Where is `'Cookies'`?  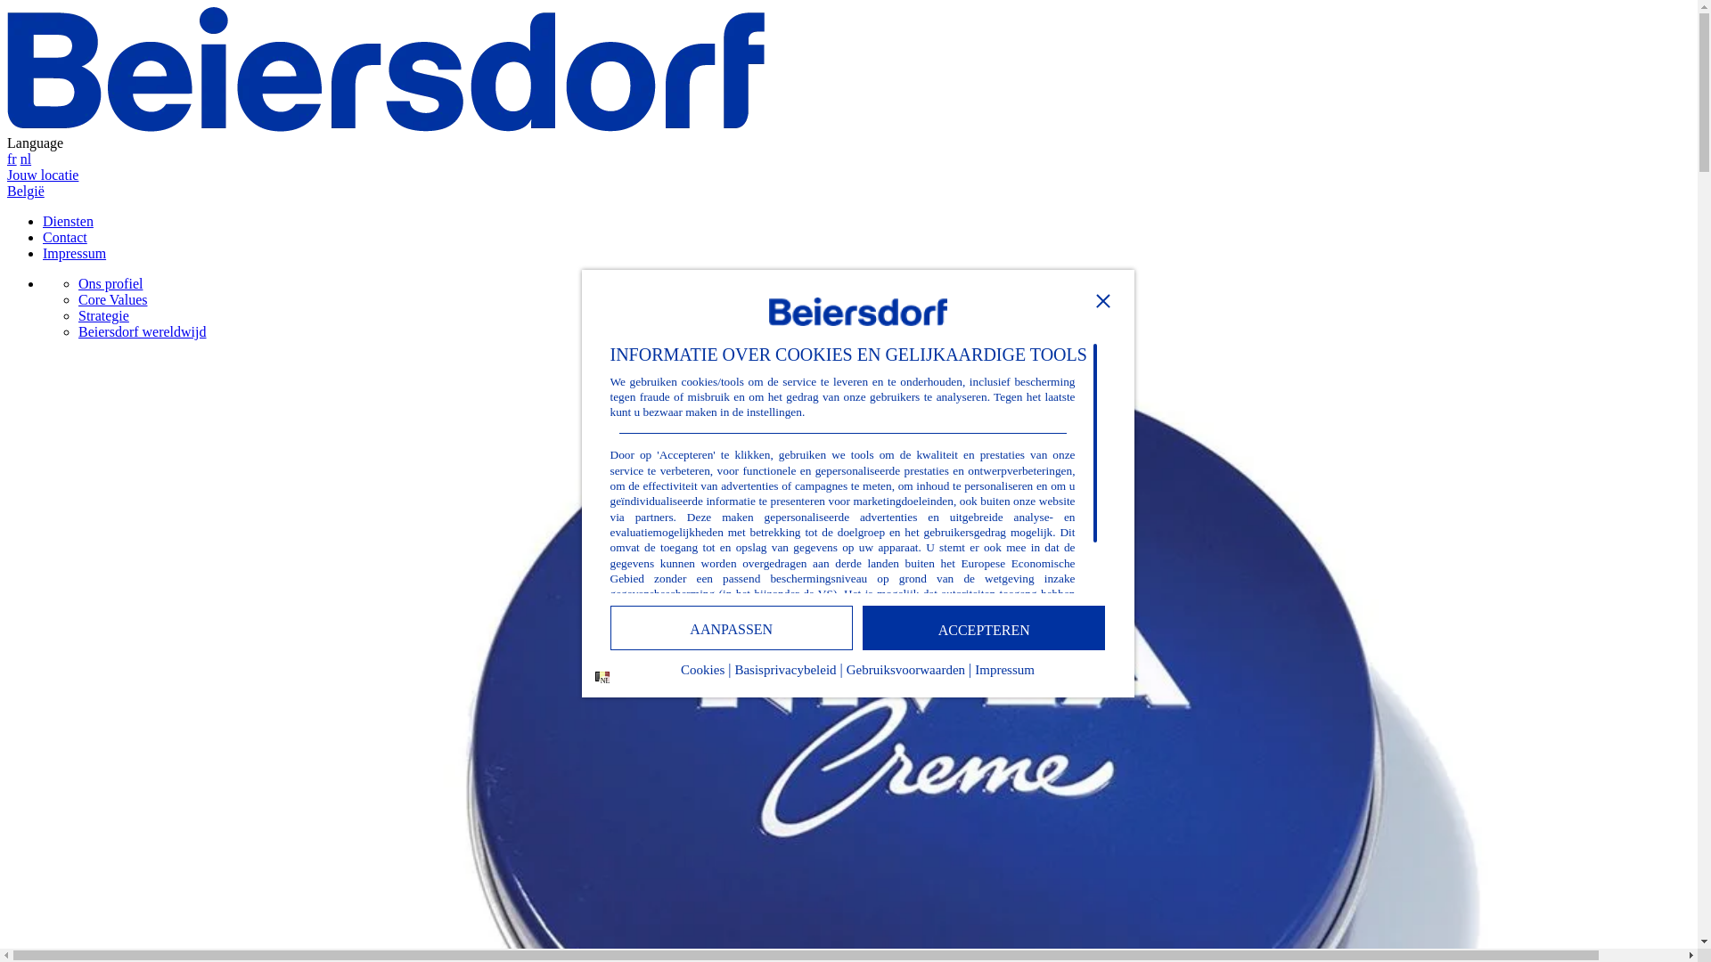
'Cookies' is located at coordinates (701, 674).